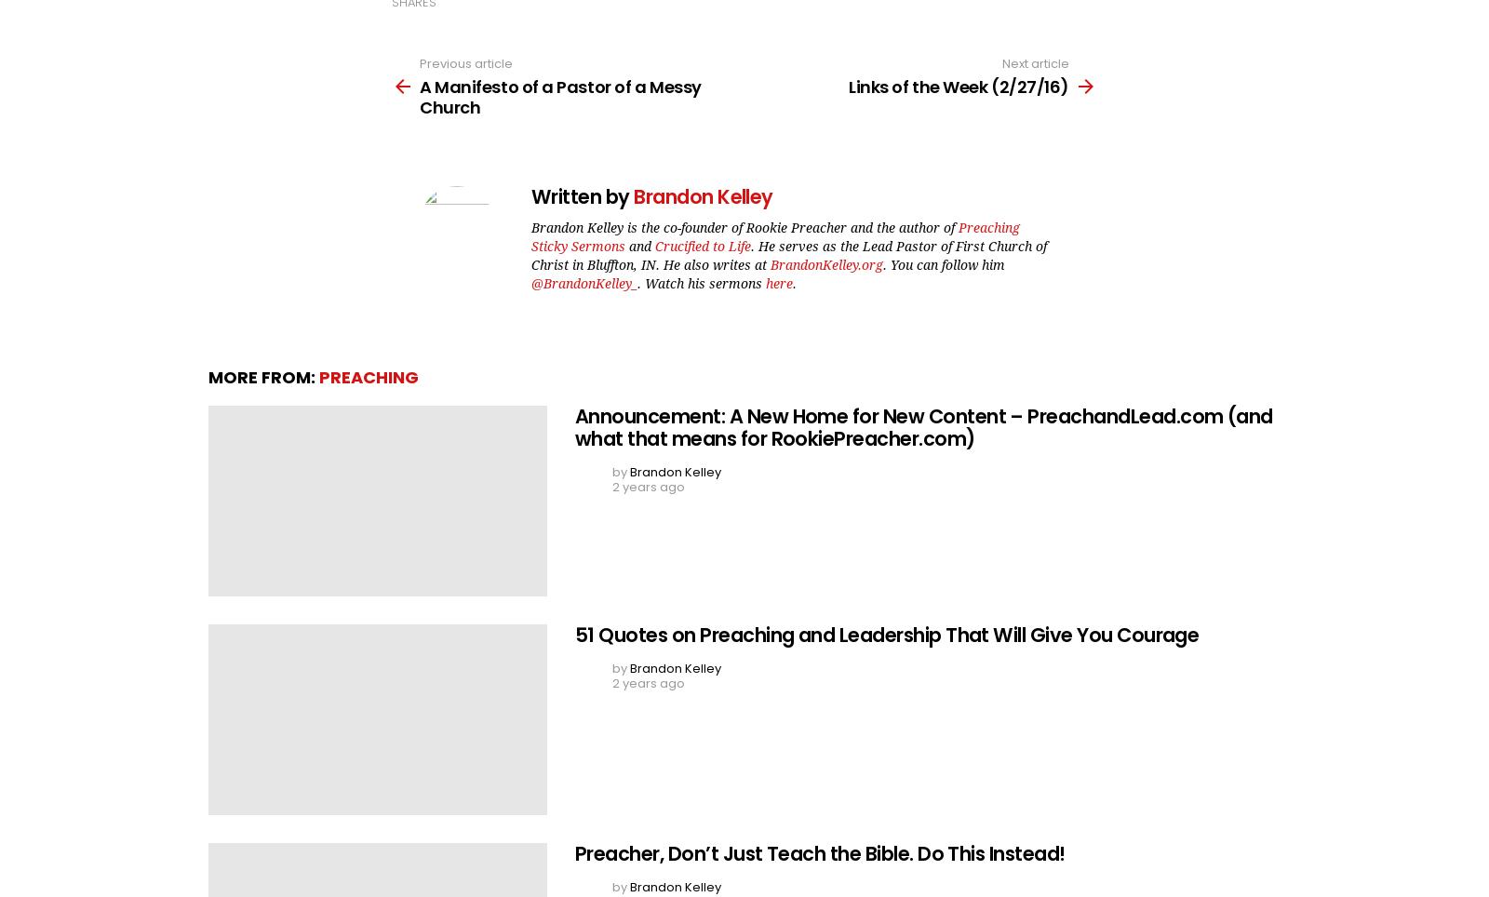 The image size is (1489, 897). What do you see at coordinates (703, 245) in the screenshot?
I see `'Crucified to Life'` at bounding box center [703, 245].